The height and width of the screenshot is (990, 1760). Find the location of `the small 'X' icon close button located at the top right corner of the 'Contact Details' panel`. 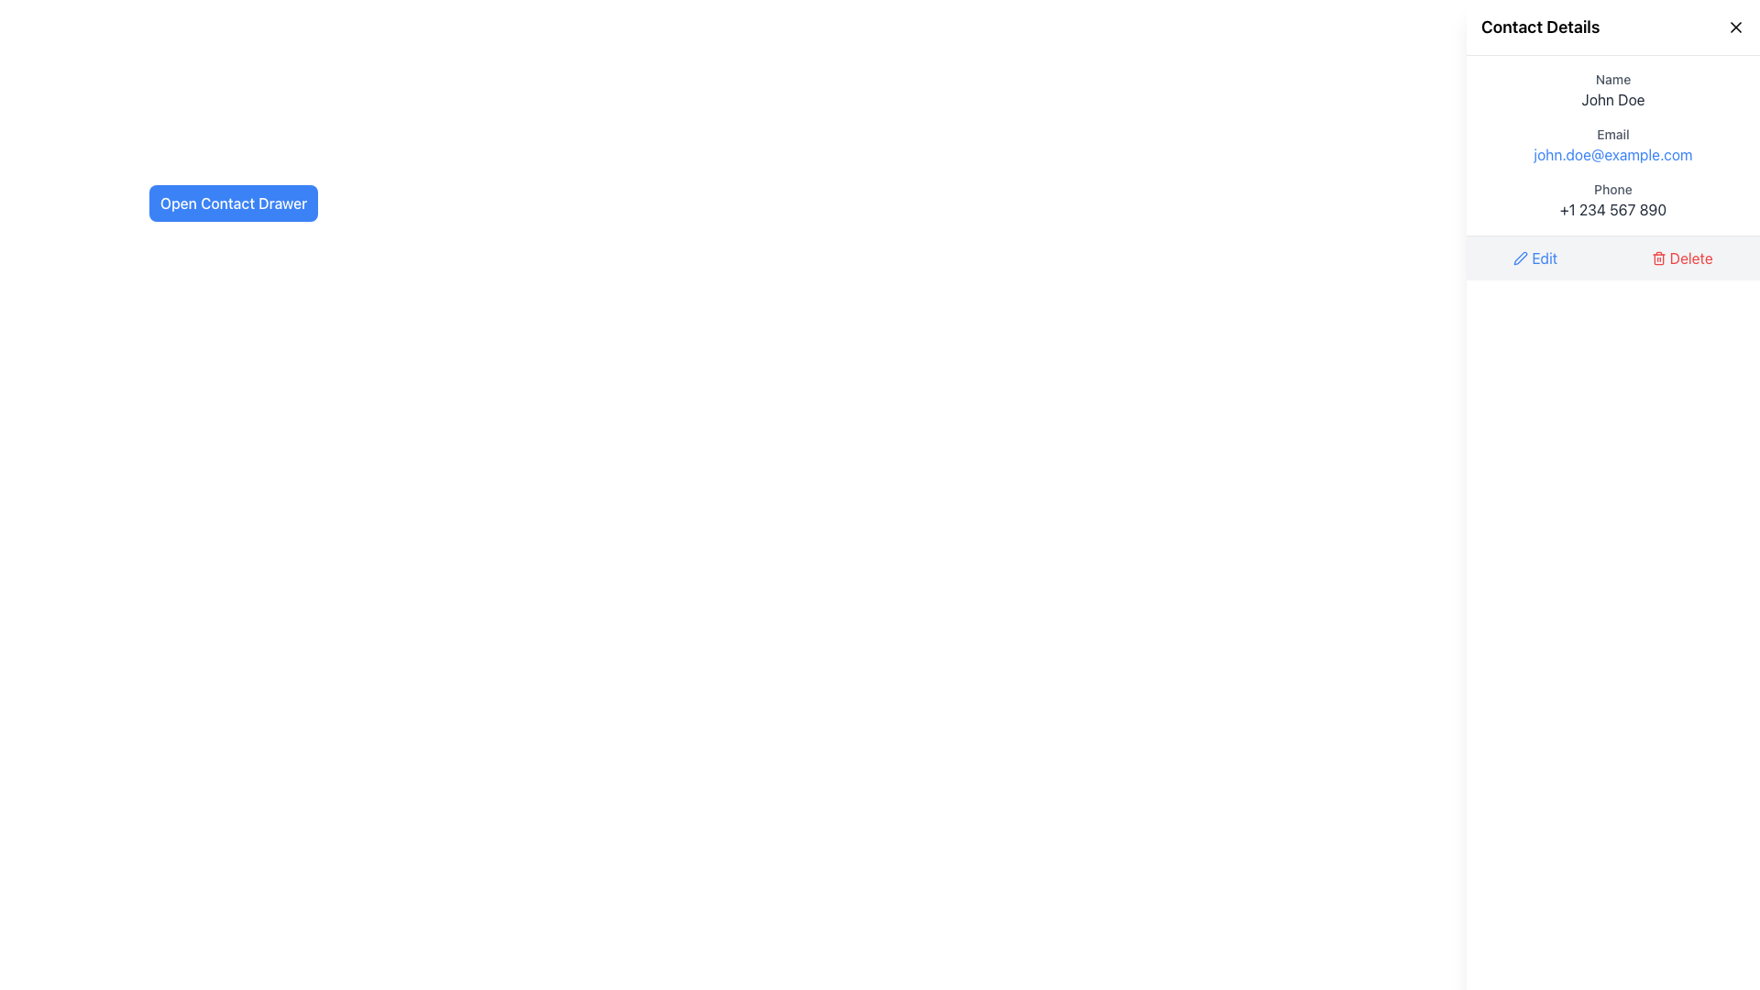

the small 'X' icon close button located at the top right corner of the 'Contact Details' panel is located at coordinates (1735, 27).